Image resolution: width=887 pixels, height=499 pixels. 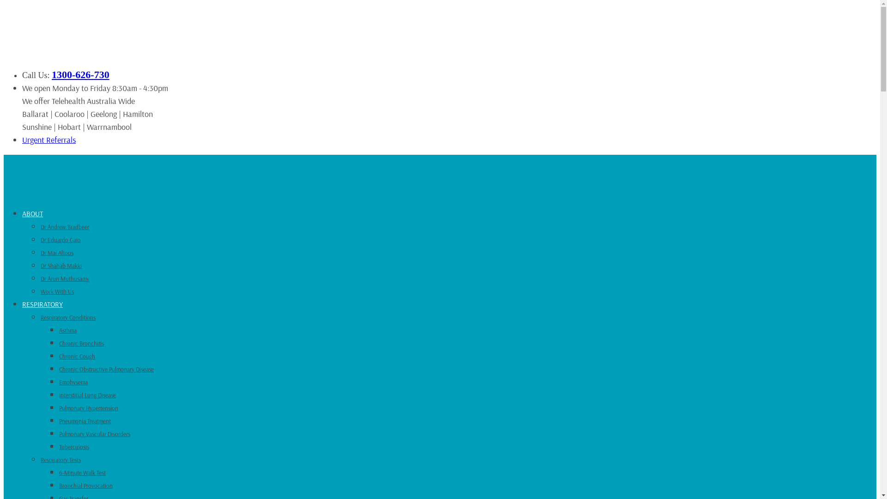 What do you see at coordinates (32, 213) in the screenshot?
I see `'ABOUT'` at bounding box center [32, 213].